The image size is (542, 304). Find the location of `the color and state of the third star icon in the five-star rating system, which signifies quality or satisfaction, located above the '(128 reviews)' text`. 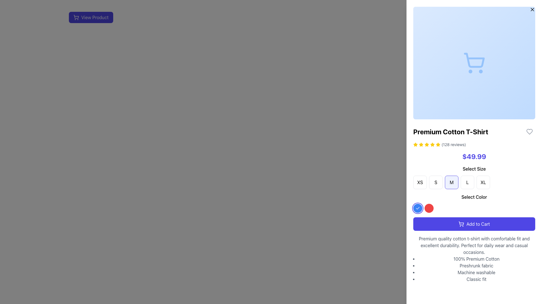

the color and state of the third star icon in the five-star rating system, which signifies quality or satisfaction, located above the '(128 reviews)' text is located at coordinates (421, 144).